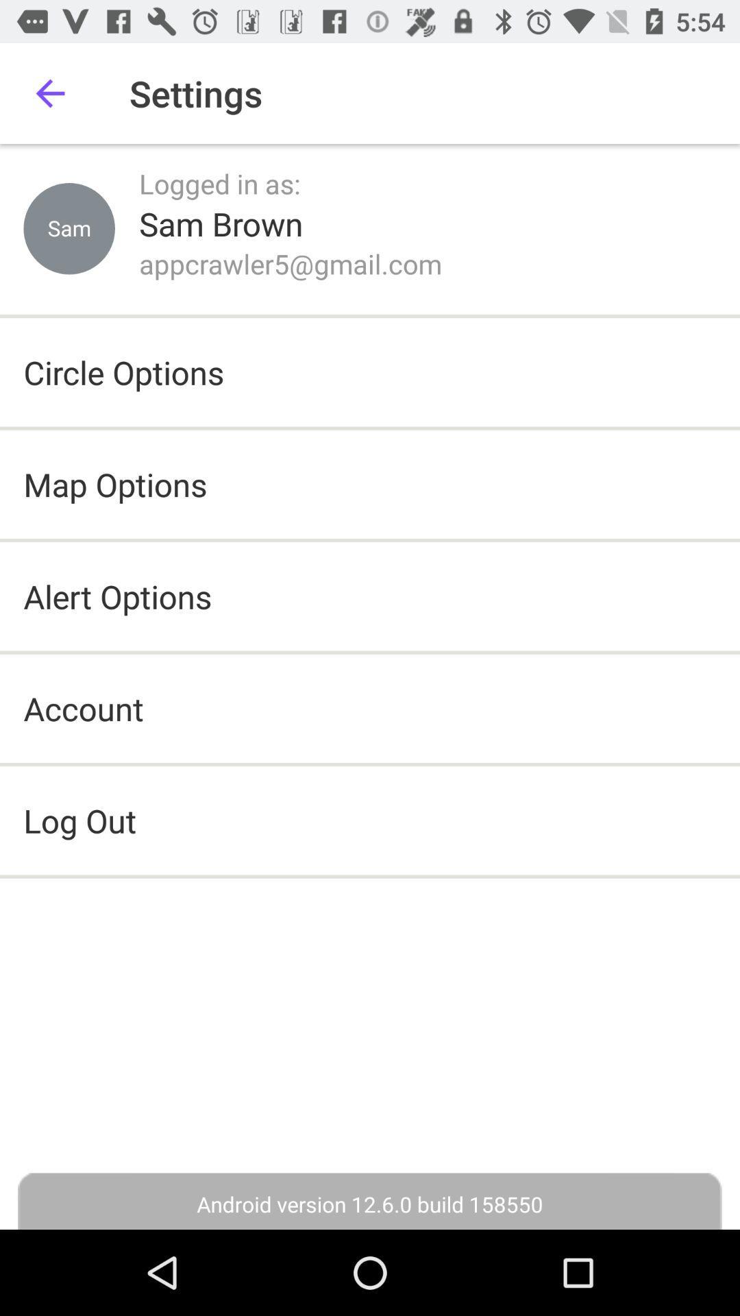 Image resolution: width=740 pixels, height=1316 pixels. Describe the element at coordinates (219, 183) in the screenshot. I see `logged in as: icon` at that location.